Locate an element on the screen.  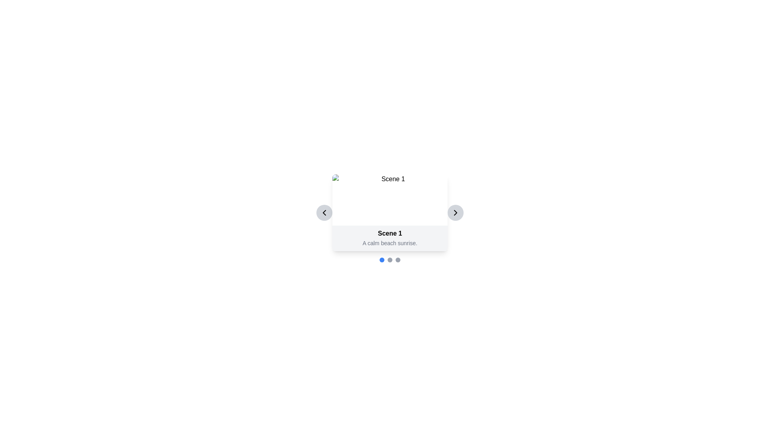
the right-facing Chevron icon within the button is located at coordinates (455, 212).